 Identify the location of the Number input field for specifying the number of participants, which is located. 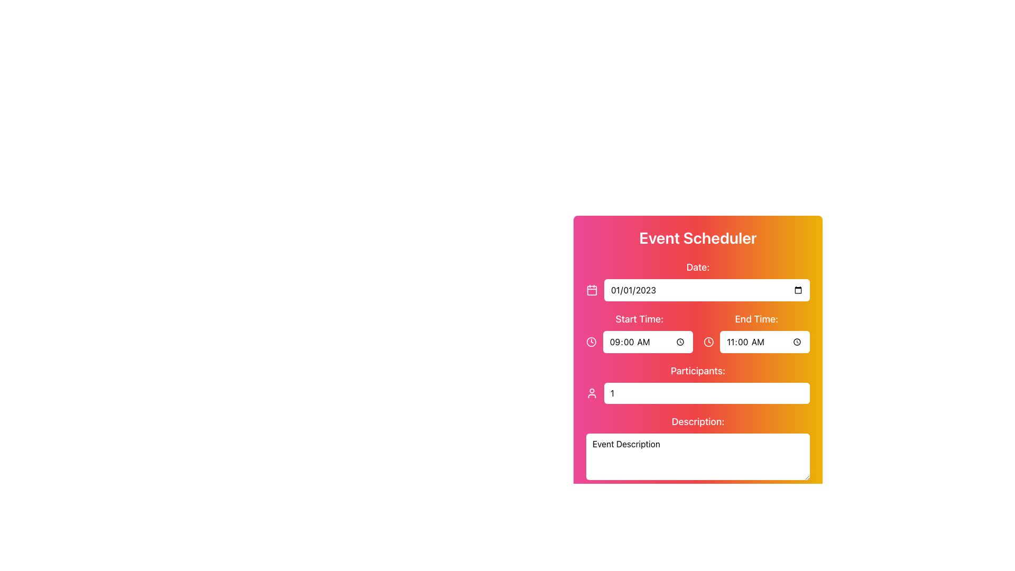
(698, 383).